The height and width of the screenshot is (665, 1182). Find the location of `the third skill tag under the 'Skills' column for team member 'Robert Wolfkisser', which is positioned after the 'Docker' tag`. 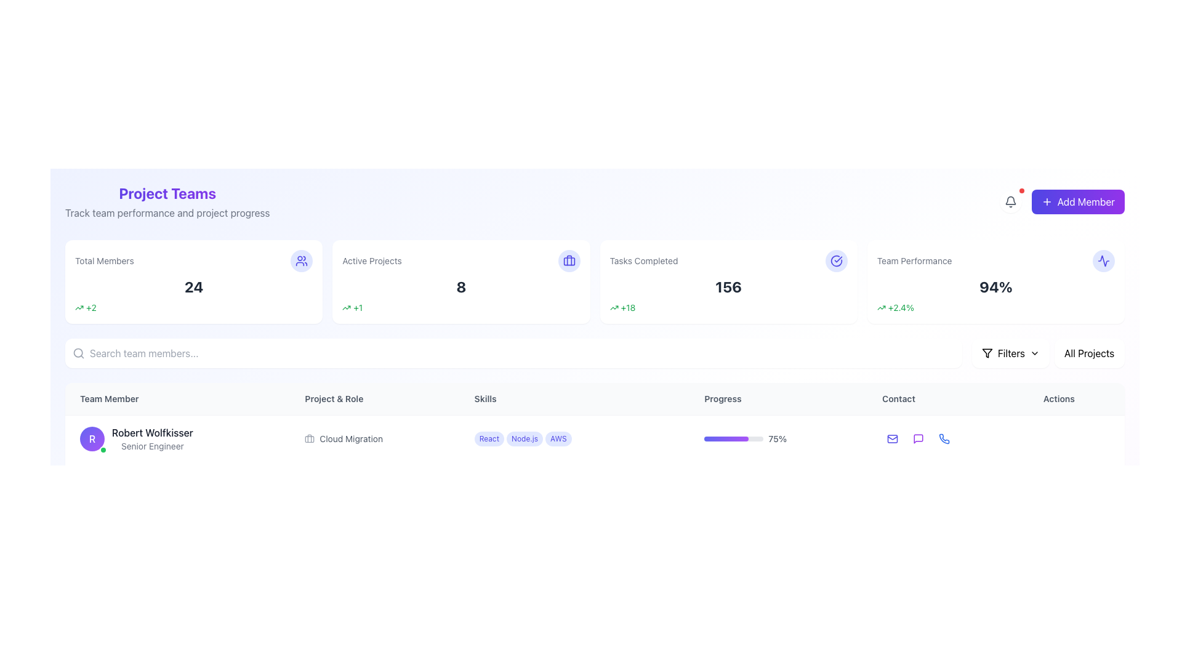

the third skill tag under the 'Skills' column for team member 'Robert Wolfkisser', which is positioned after the 'Docker' tag is located at coordinates (559, 485).